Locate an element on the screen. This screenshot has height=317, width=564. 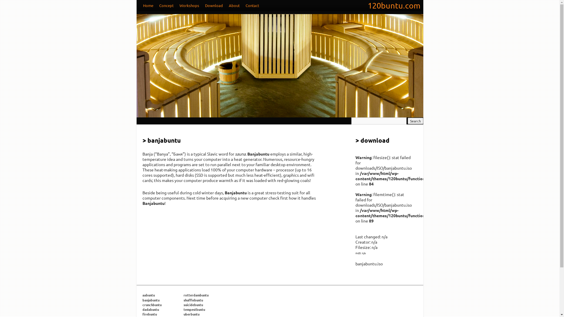
'crunchbuntu' is located at coordinates (142, 304).